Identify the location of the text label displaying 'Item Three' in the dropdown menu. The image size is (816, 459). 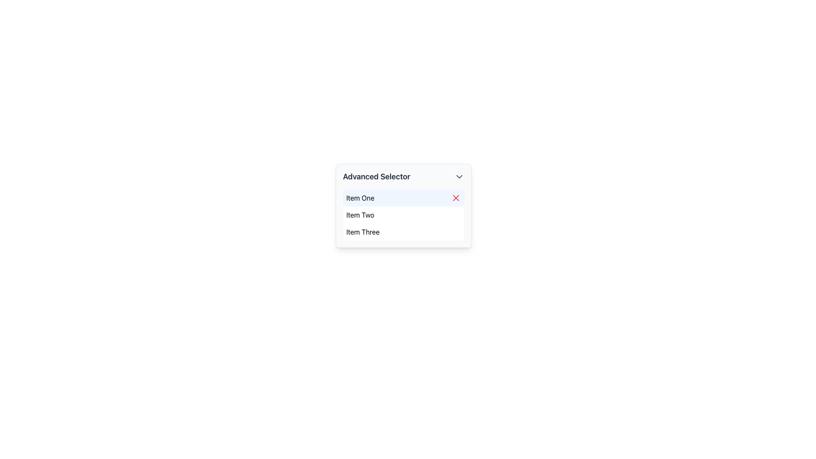
(363, 232).